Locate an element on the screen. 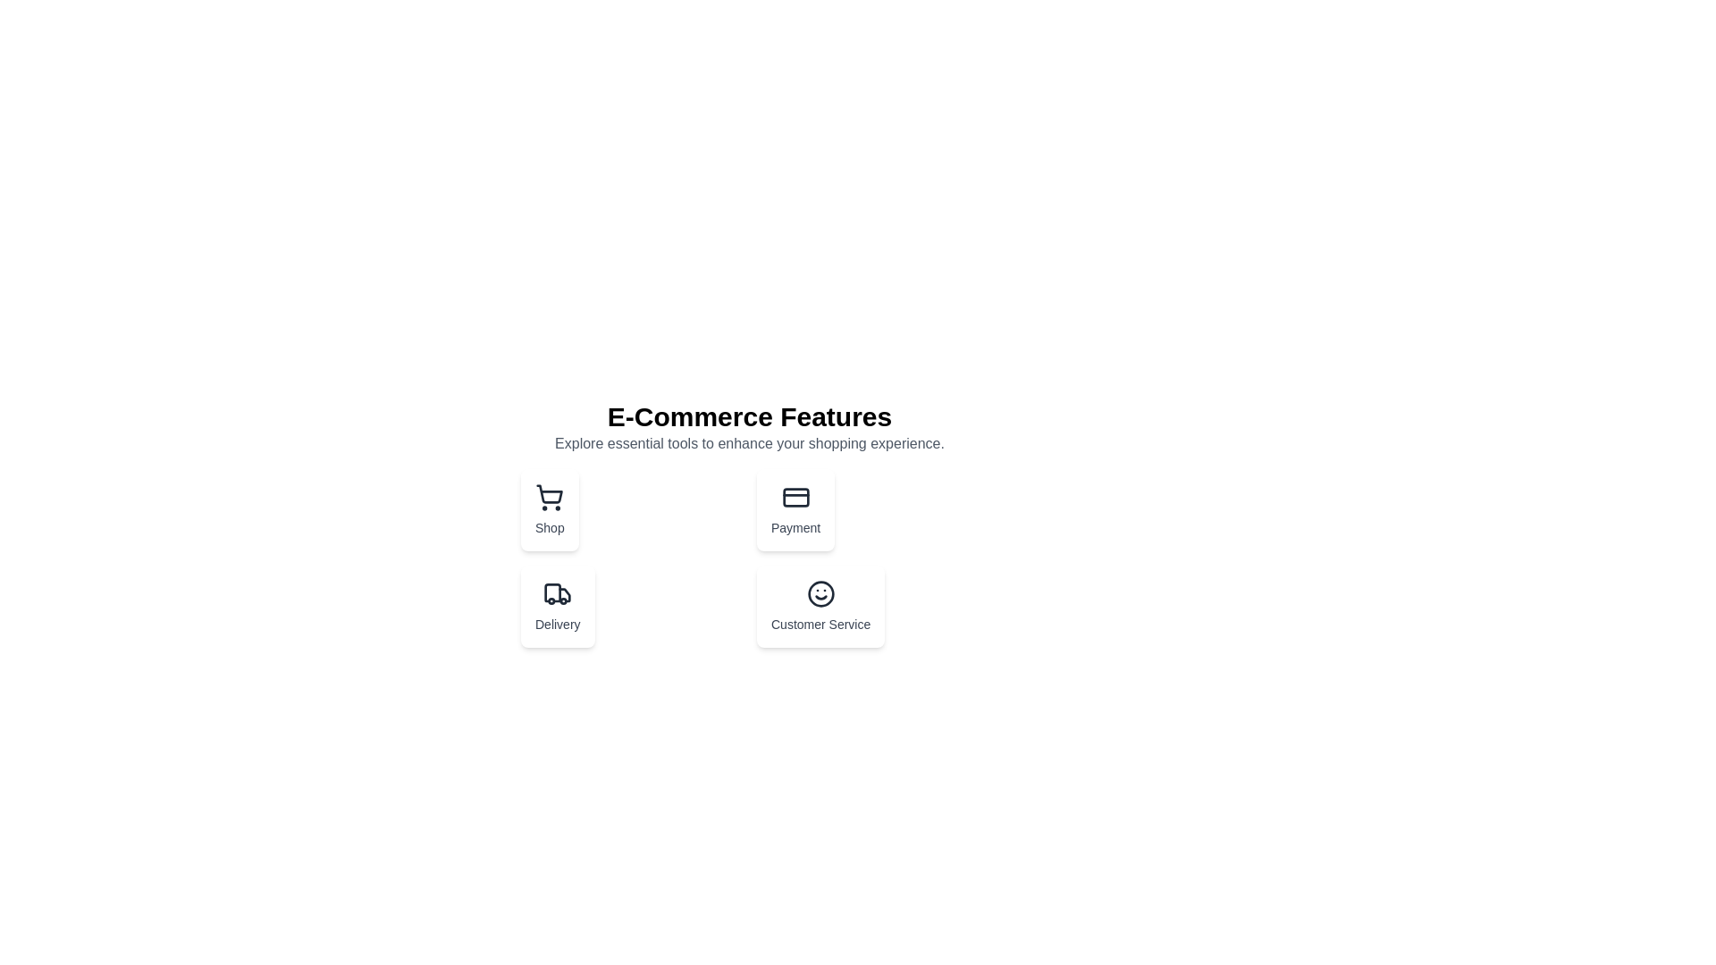 The image size is (1716, 965). the navigational button-like card for accessing shopping features, which is the first element in the 'E-Commerce Features' grid layout is located at coordinates (549, 509).